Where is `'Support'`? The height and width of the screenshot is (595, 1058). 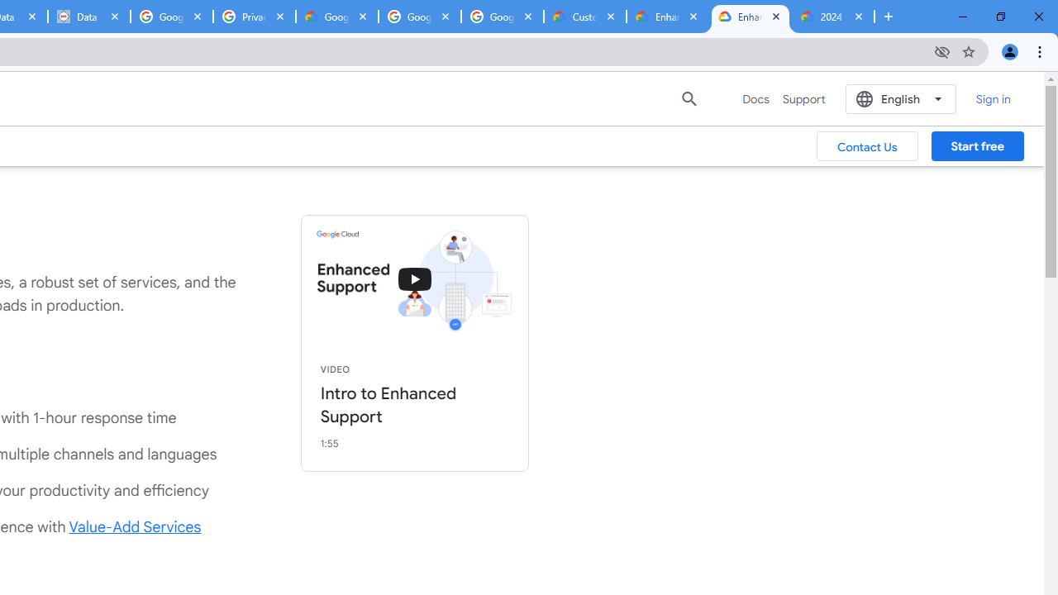
'Support' is located at coordinates (803, 98).